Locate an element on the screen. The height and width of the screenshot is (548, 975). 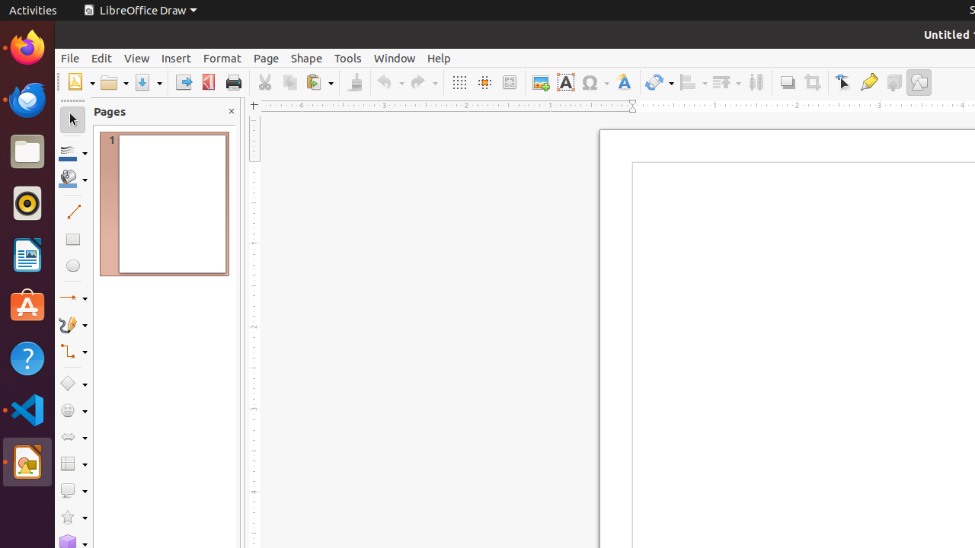
'Clone' is located at coordinates (353, 82).